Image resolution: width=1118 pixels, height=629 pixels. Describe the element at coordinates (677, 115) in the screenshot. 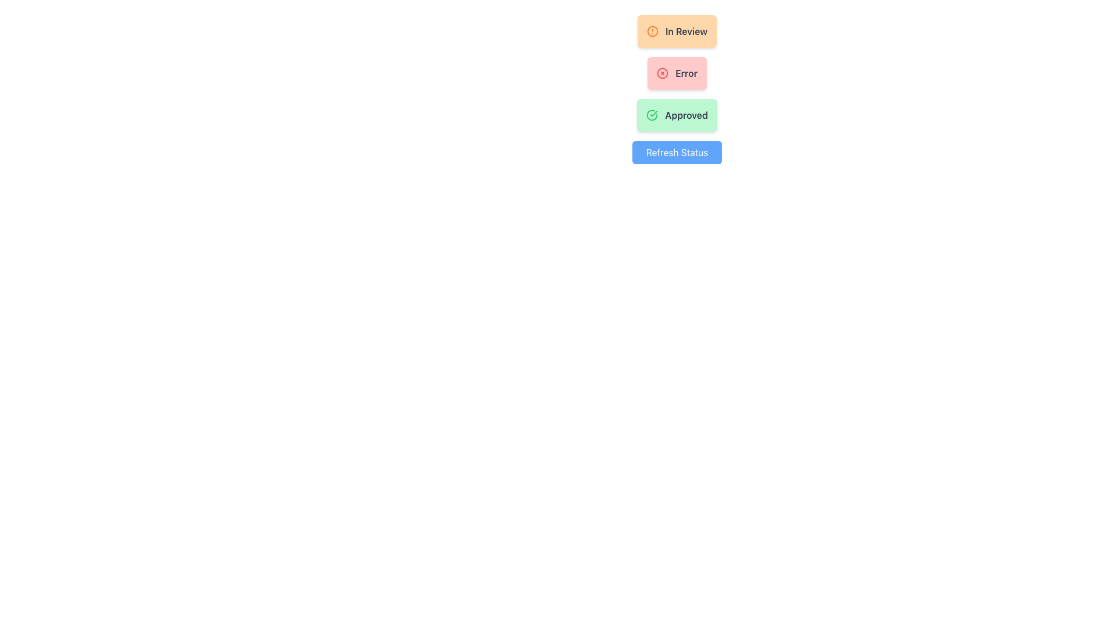

I see `the 'Approved' Status label component, which is the third item in the vertical list of status indicators, located below the 'Error' element and above the 'Refresh Status' button` at that location.